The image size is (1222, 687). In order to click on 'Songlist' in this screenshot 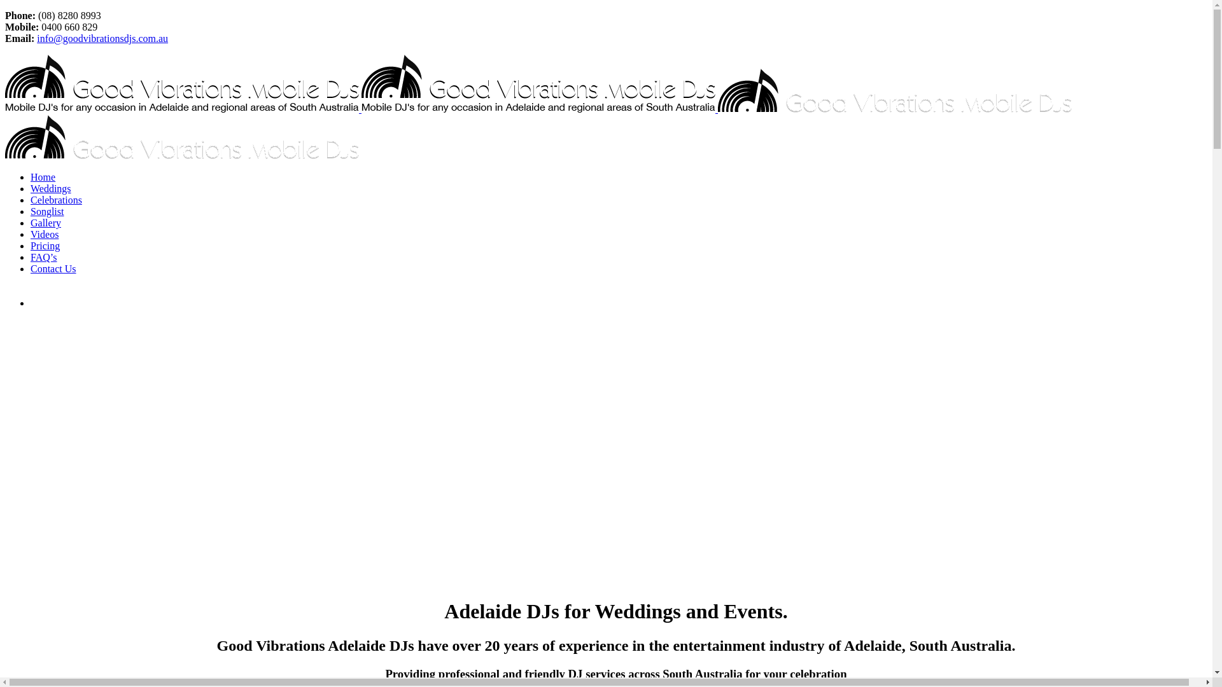, I will do `click(46, 211)`.